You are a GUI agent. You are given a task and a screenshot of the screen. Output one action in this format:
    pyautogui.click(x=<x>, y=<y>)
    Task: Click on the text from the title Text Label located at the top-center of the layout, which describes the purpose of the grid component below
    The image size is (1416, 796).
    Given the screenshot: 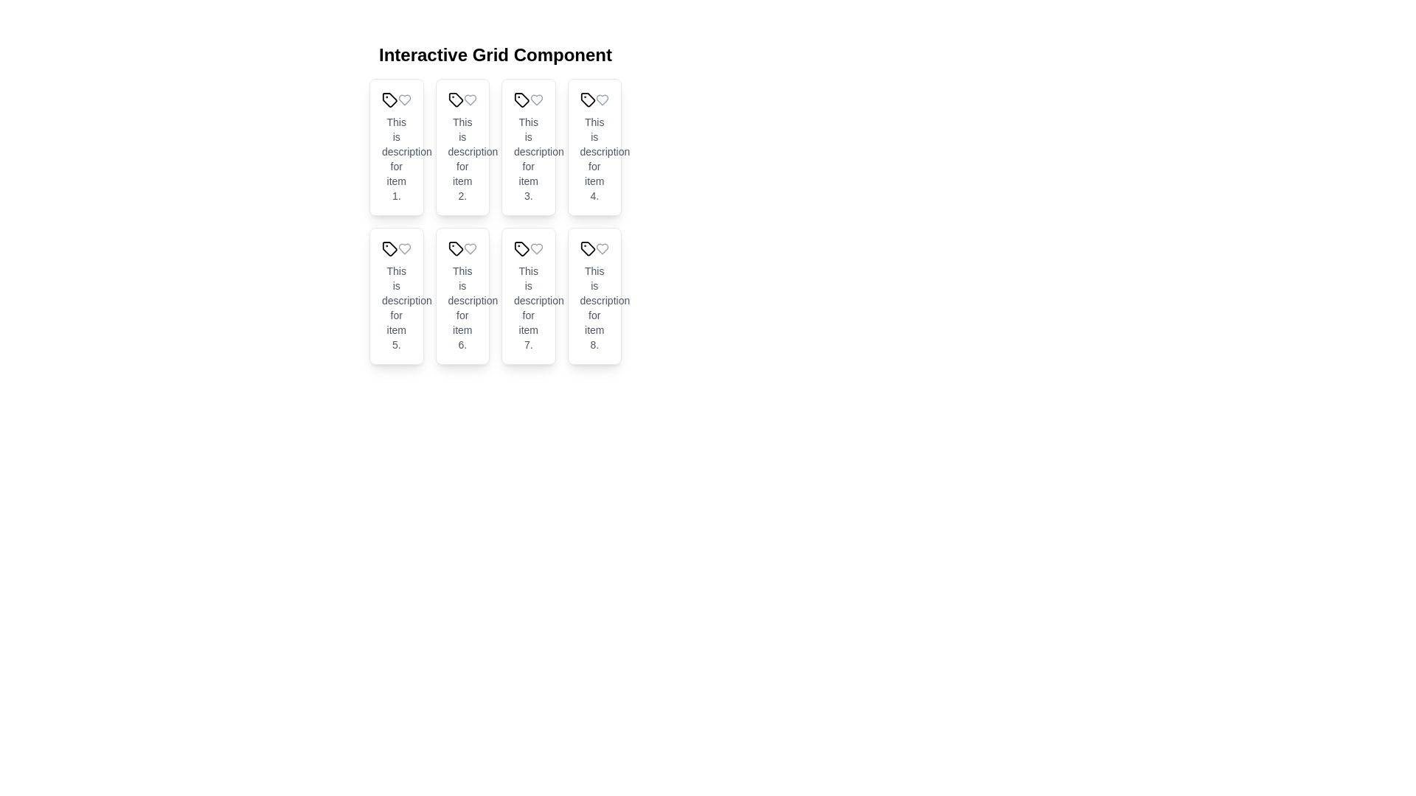 What is the action you would take?
    pyautogui.click(x=496, y=54)
    